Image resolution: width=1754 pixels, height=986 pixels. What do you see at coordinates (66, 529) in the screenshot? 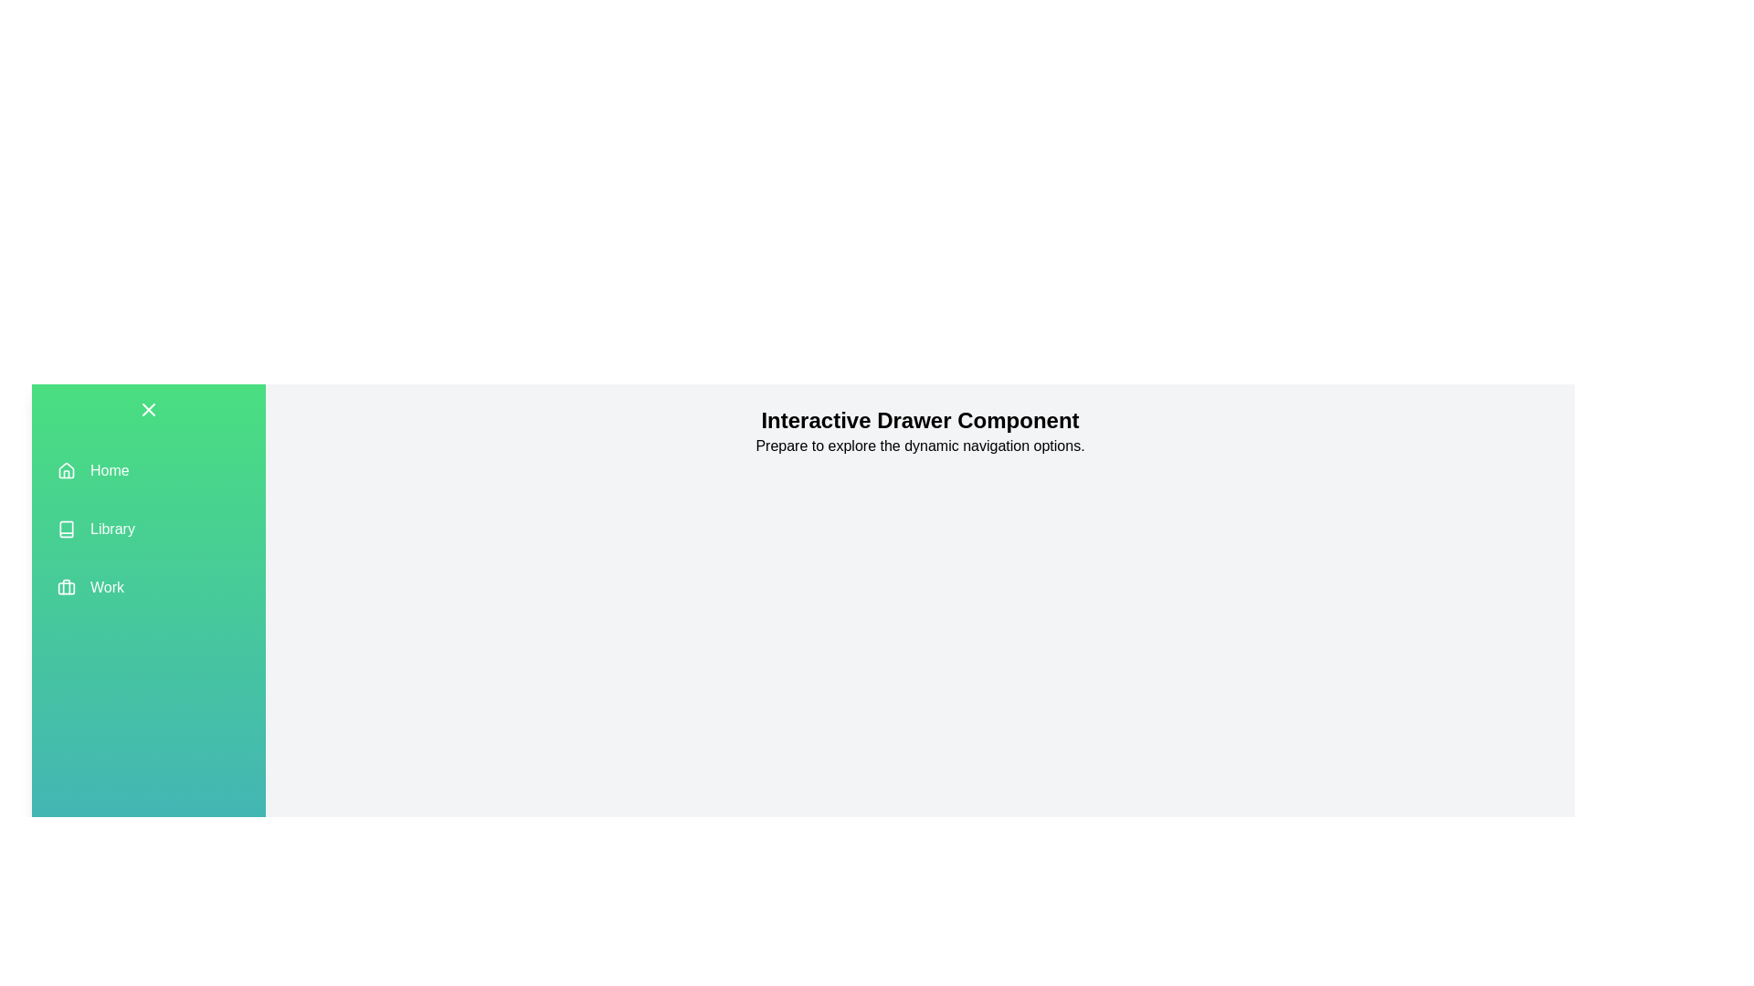
I see `the Library icon to trigger its functionality` at bounding box center [66, 529].